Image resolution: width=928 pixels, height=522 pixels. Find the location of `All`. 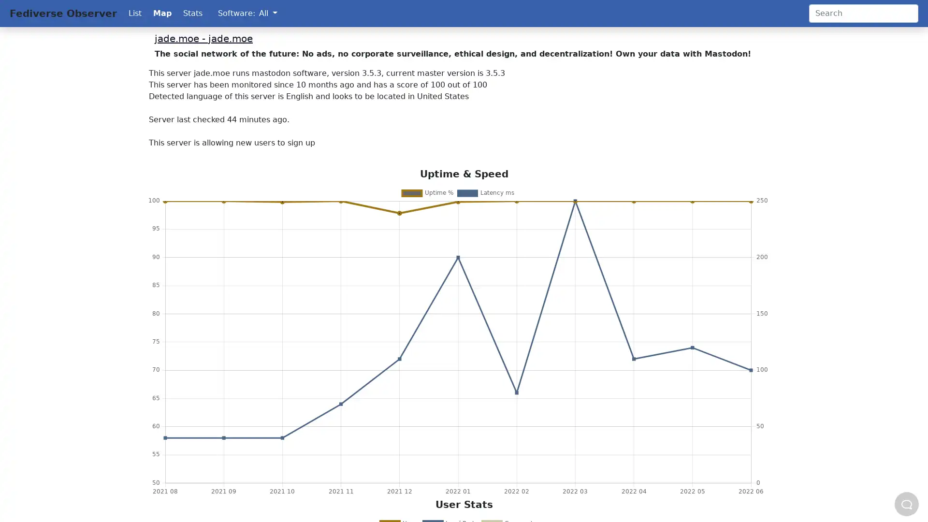

All is located at coordinates (268, 13).